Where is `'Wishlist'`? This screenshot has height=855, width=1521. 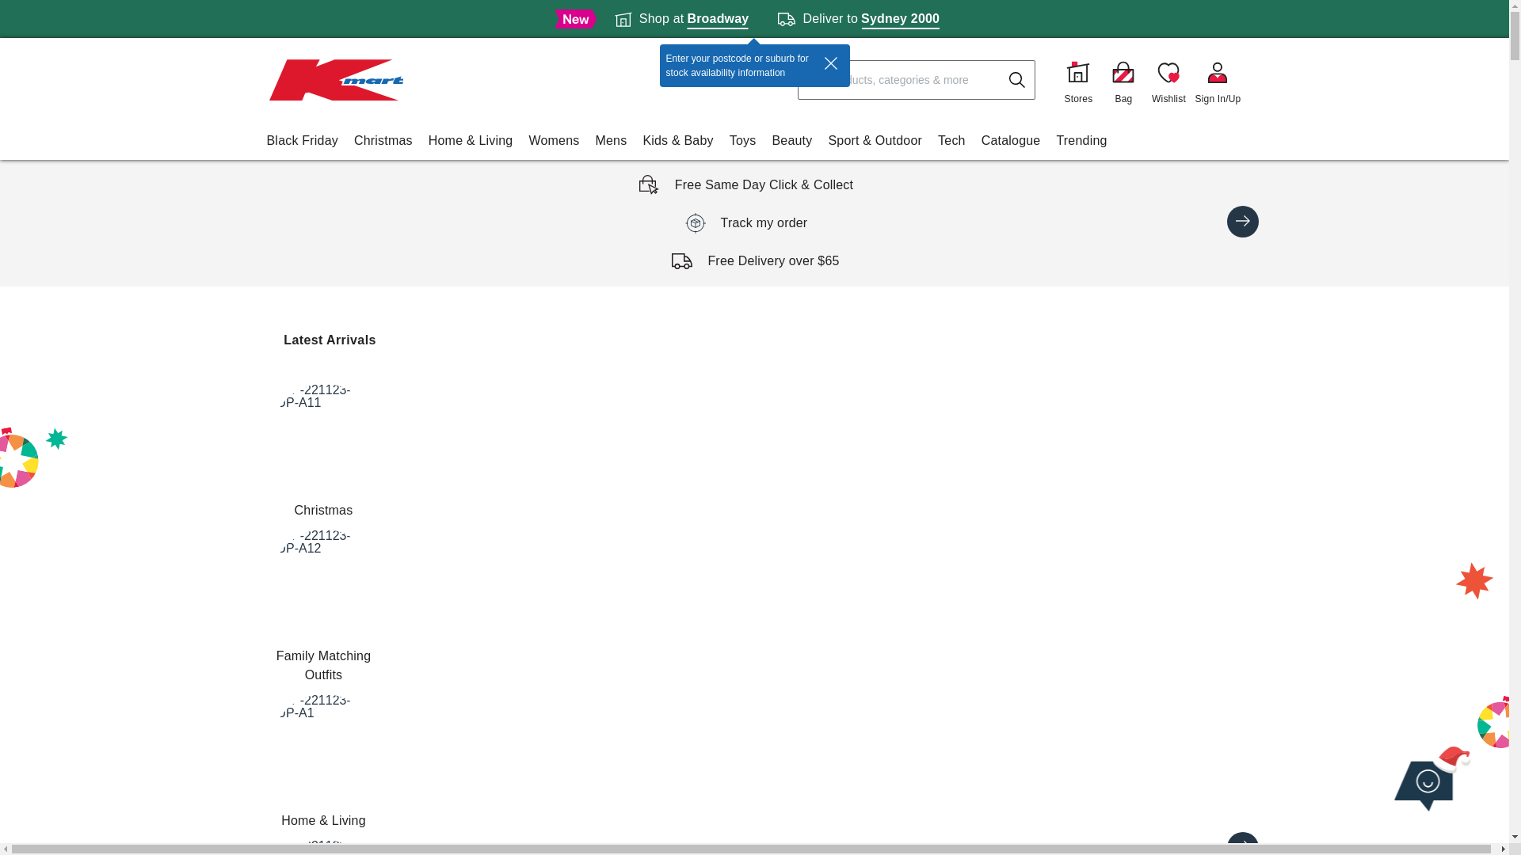 'Wishlist' is located at coordinates (1168, 79).